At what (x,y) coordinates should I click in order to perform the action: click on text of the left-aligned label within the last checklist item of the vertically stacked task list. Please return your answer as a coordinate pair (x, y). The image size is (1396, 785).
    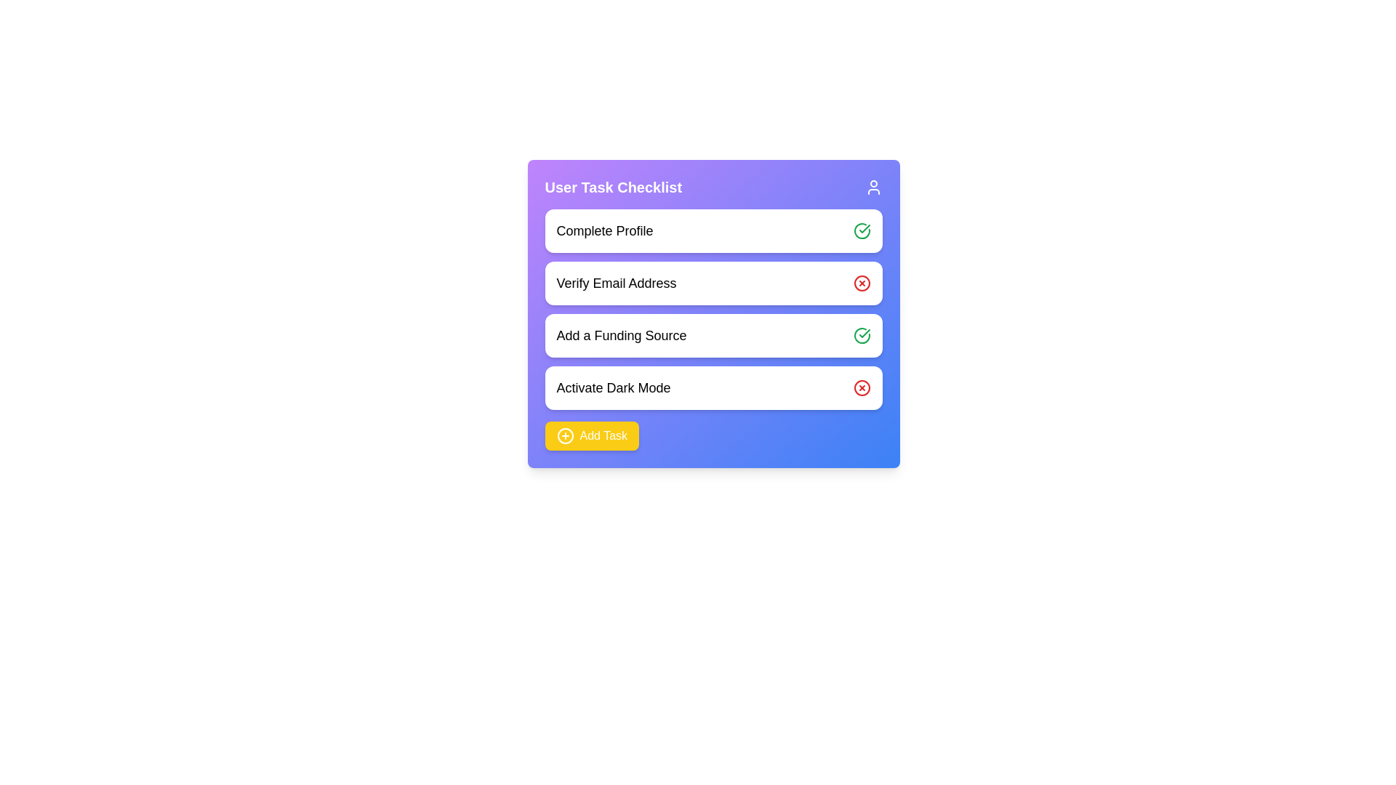
    Looking at the image, I should click on (614, 387).